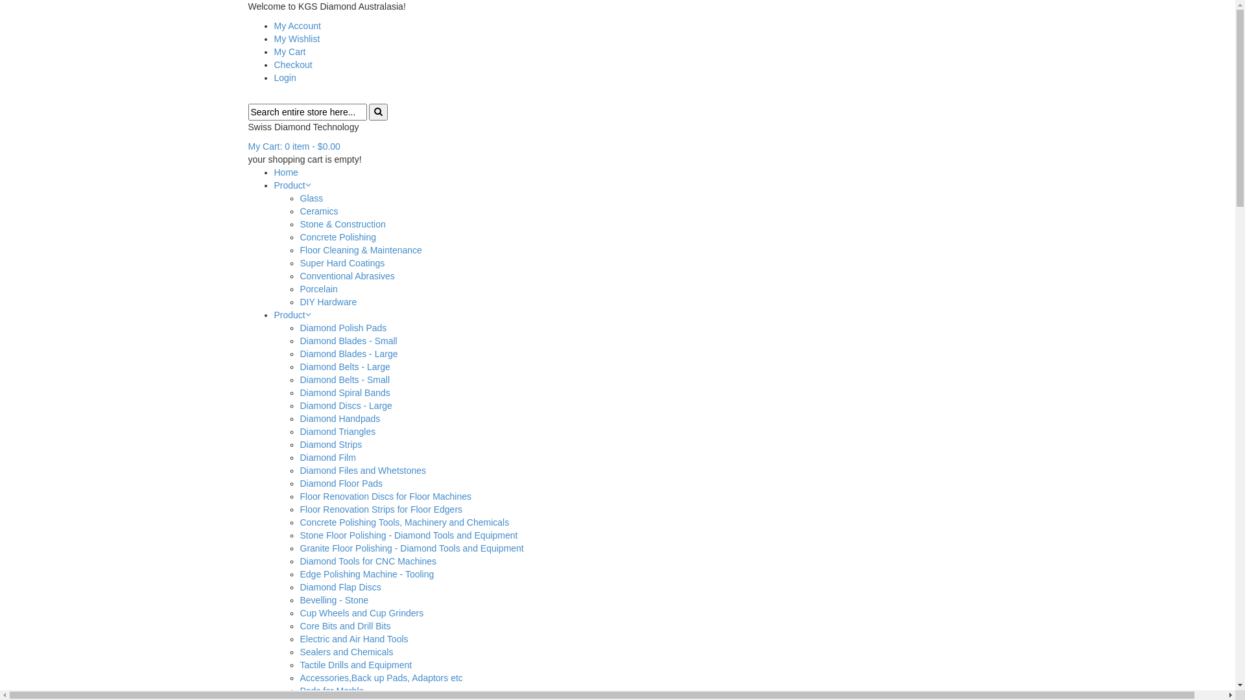 The image size is (1245, 700). Describe the element at coordinates (340, 587) in the screenshot. I see `'Diamond Flap Discs'` at that location.